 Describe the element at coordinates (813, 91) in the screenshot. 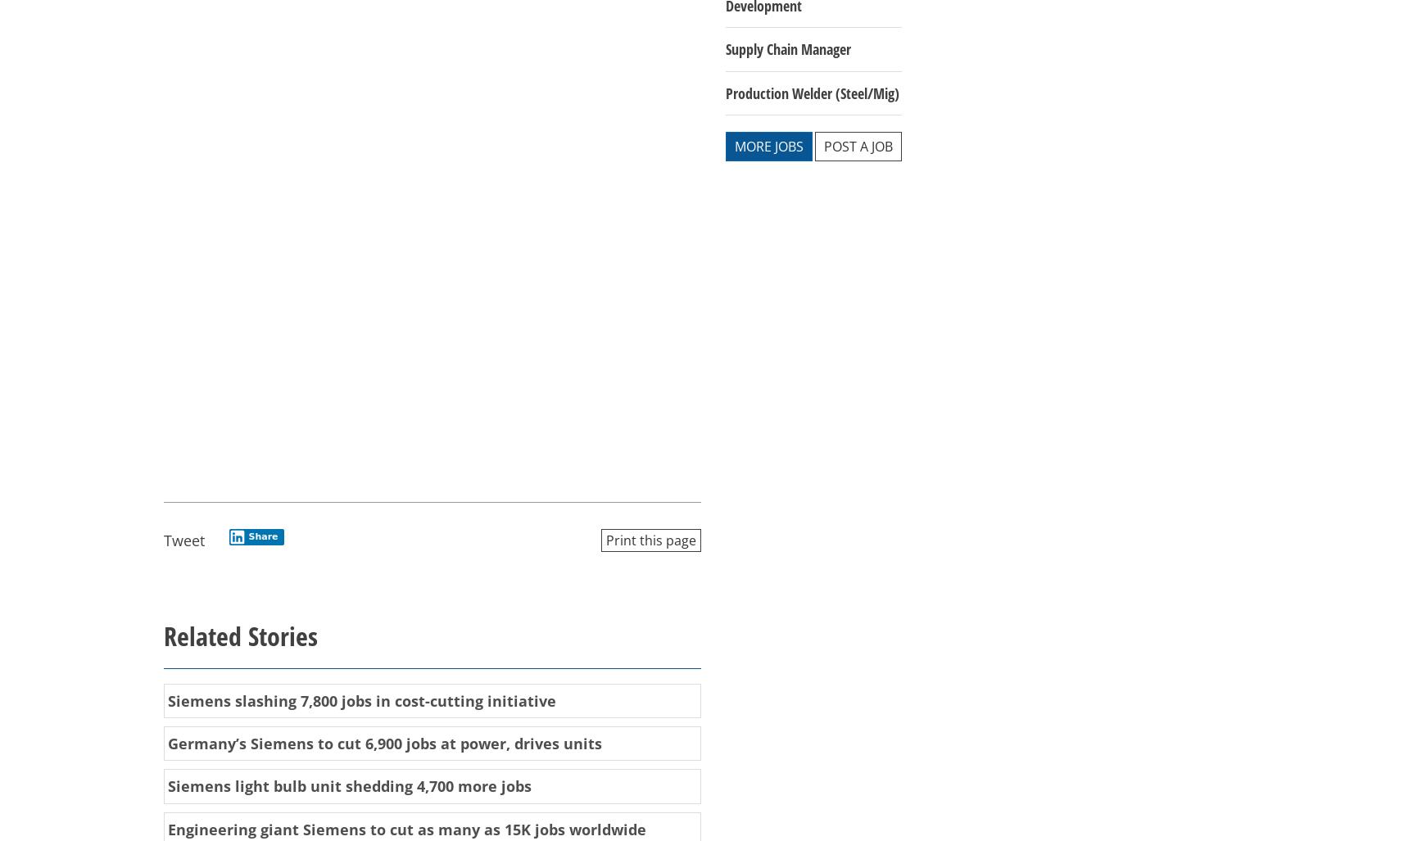

I see `'Production Welder (Steel/Mig)'` at that location.